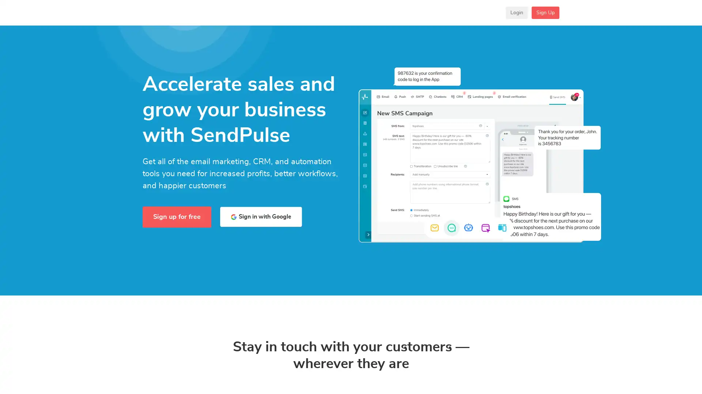 This screenshot has height=394, width=702. Describe the element at coordinates (516, 18) in the screenshot. I see `Login` at that location.